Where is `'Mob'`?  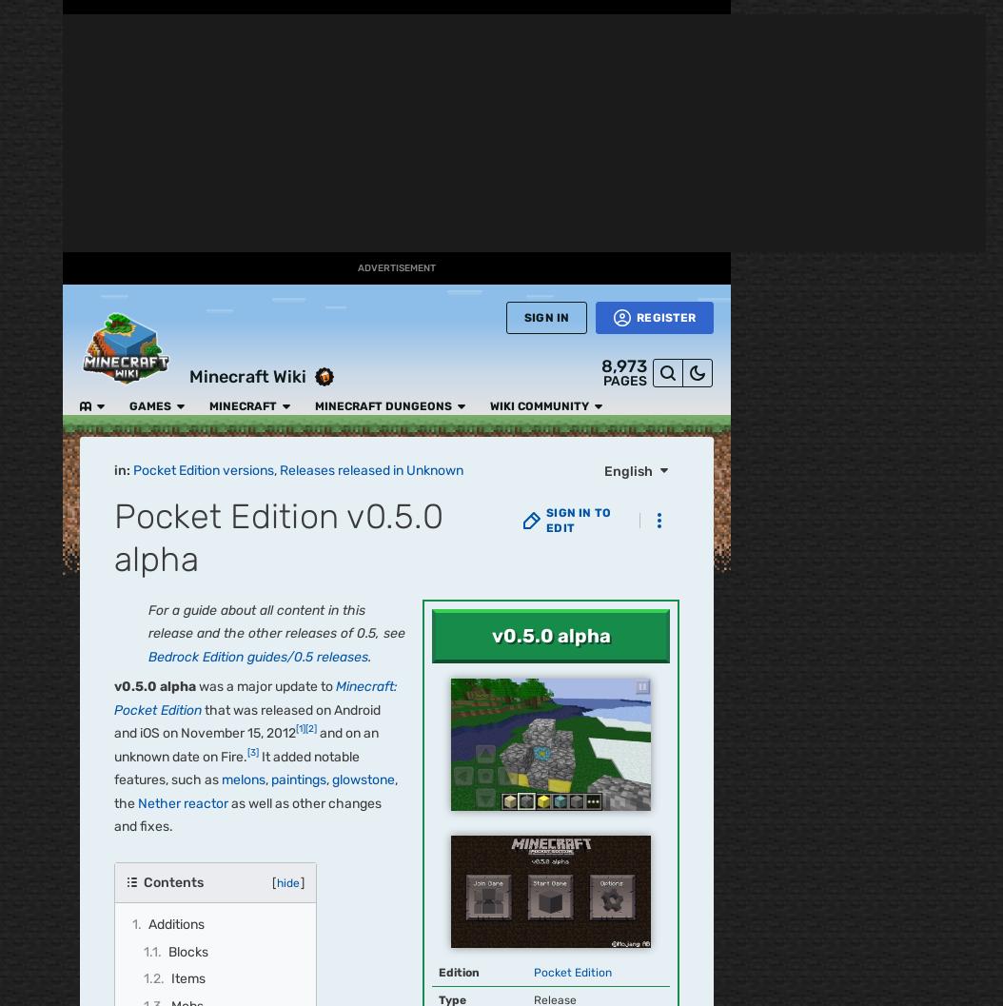
'Mob' is located at coordinates (482, 652).